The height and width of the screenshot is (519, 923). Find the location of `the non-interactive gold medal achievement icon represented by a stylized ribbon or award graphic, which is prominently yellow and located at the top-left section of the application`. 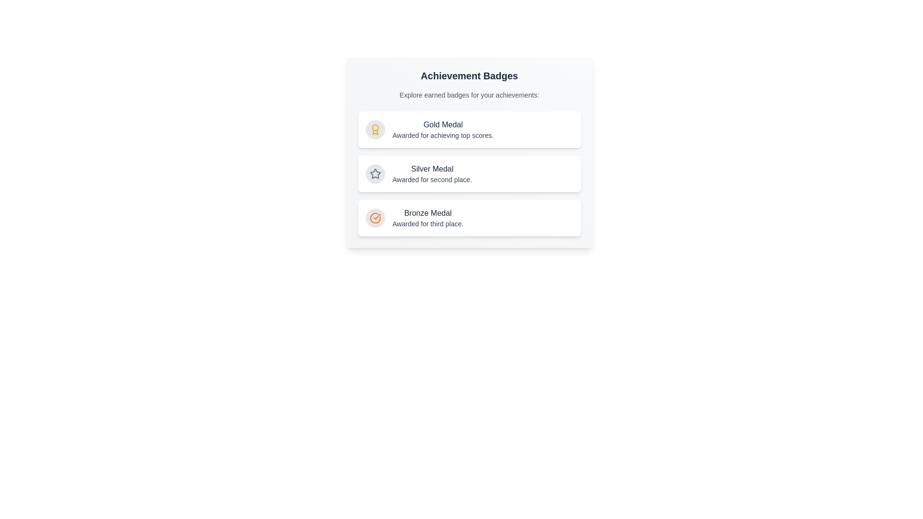

the non-interactive gold medal achievement icon represented by a stylized ribbon or award graphic, which is prominently yellow and located at the top-left section of the application is located at coordinates (374, 132).